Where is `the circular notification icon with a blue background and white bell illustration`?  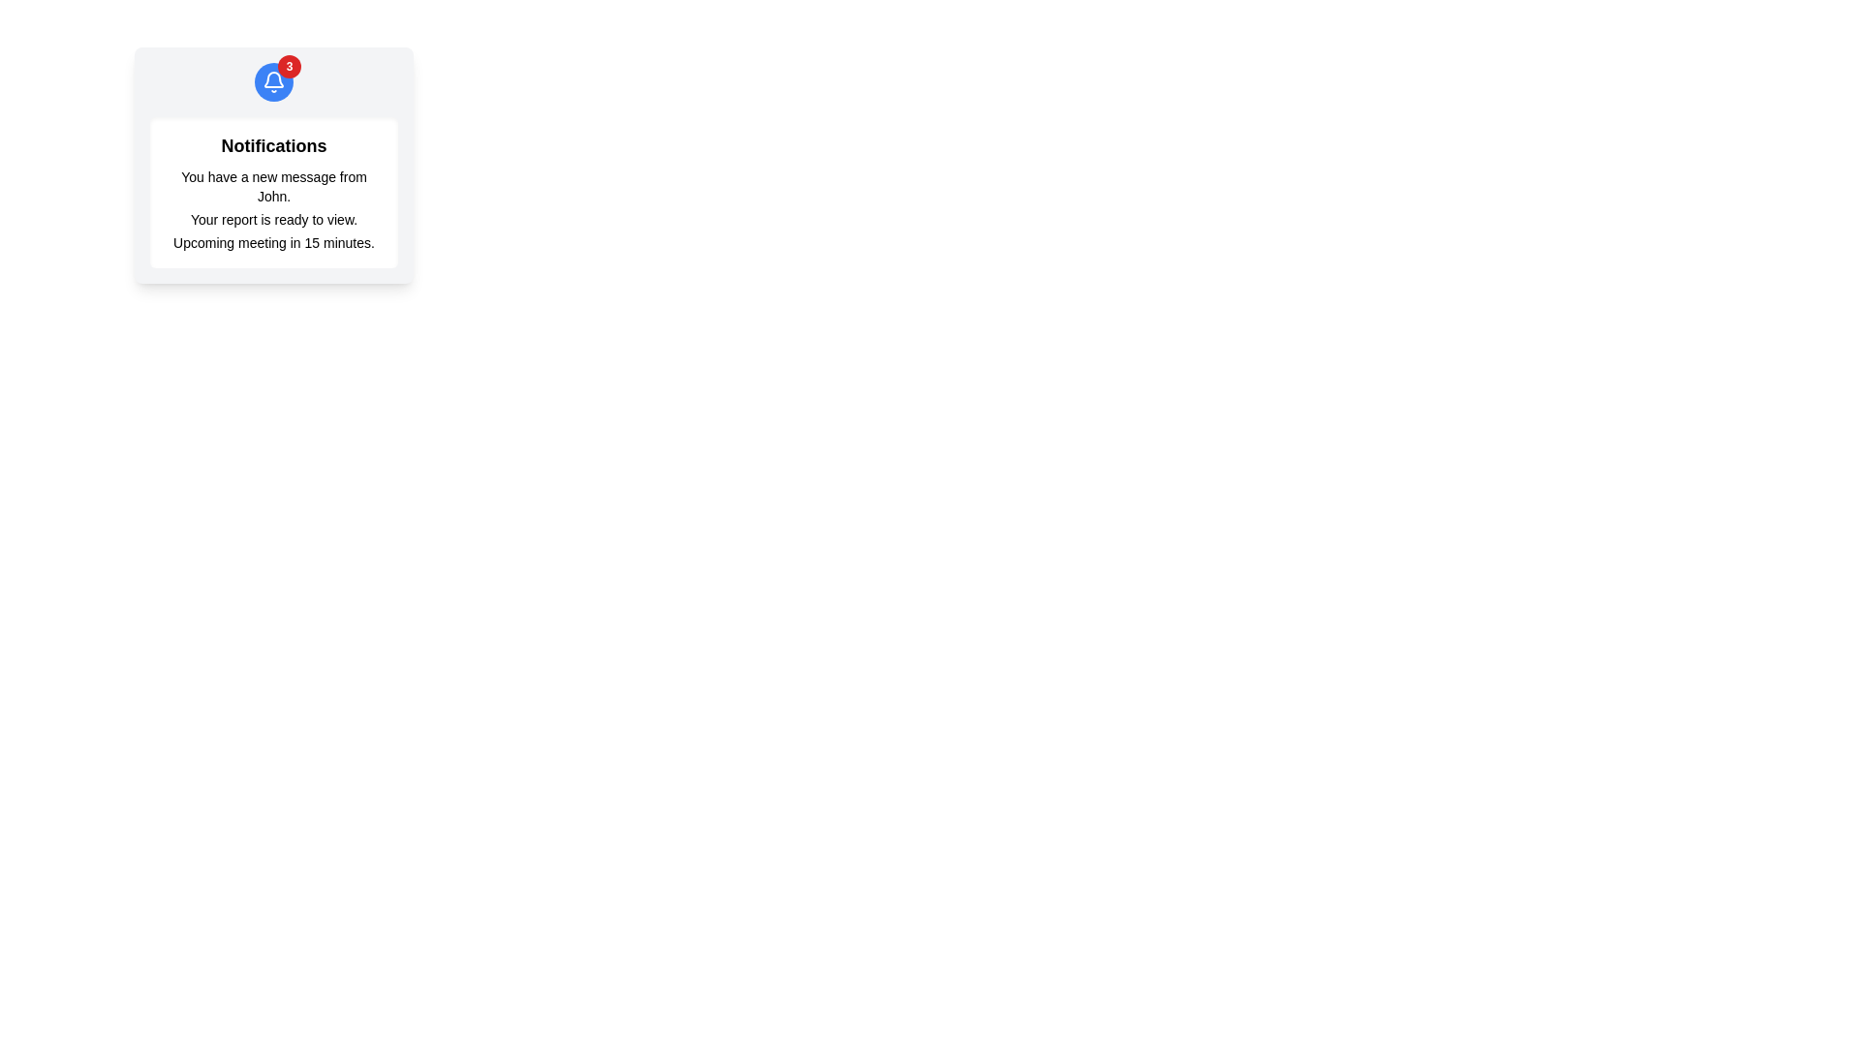
the circular notification icon with a blue background and white bell illustration is located at coordinates (273, 80).